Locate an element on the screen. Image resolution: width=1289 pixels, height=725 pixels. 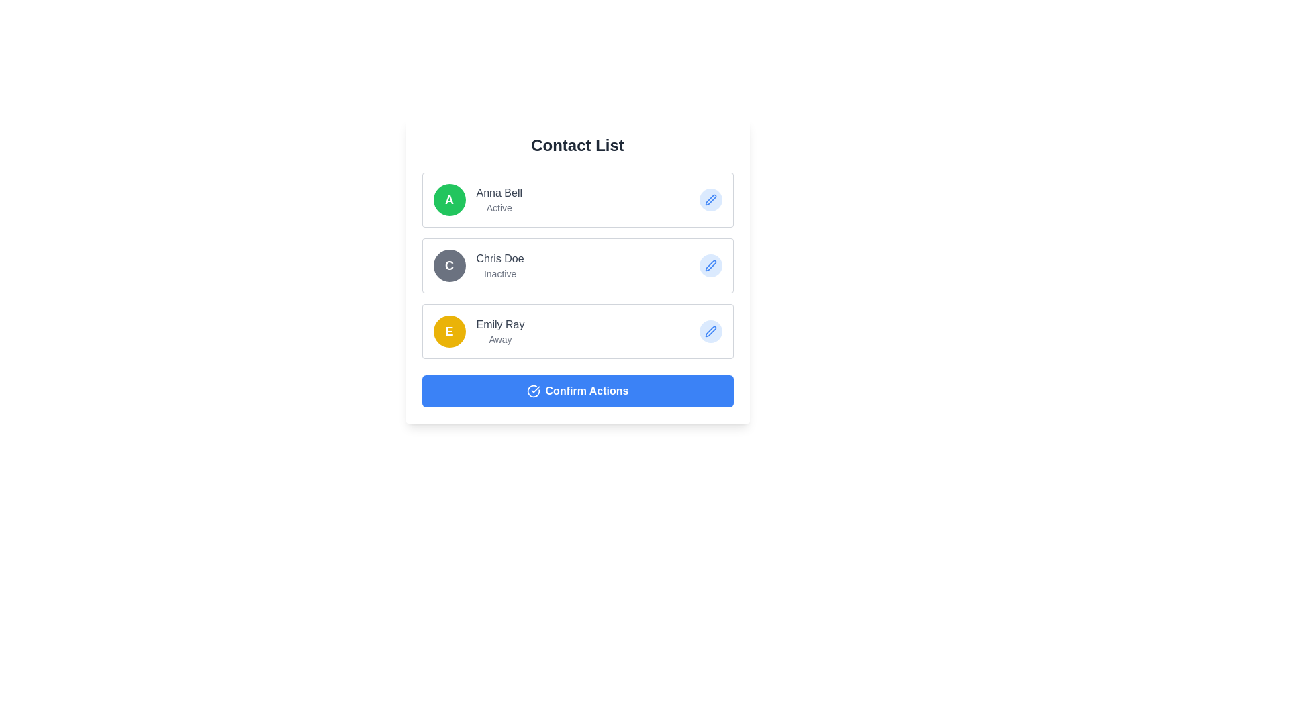
the pen icon button with a blue outline located on the right side of the second list item associated with user 'Chris Doe' is located at coordinates (710, 266).